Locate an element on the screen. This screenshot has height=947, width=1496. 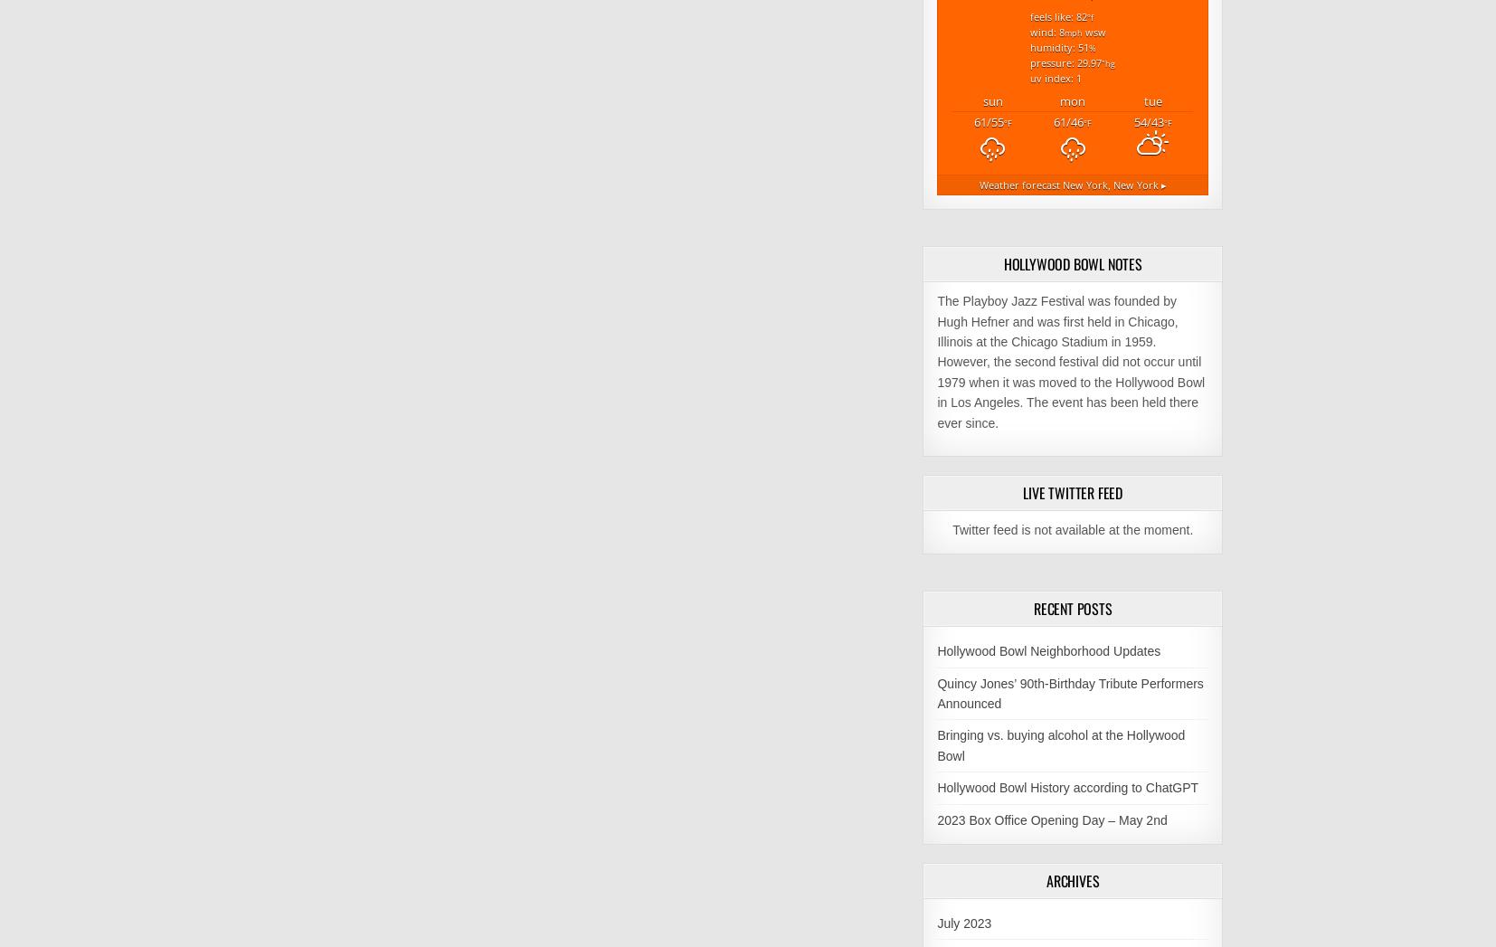
'Archives' is located at coordinates (1071, 878).